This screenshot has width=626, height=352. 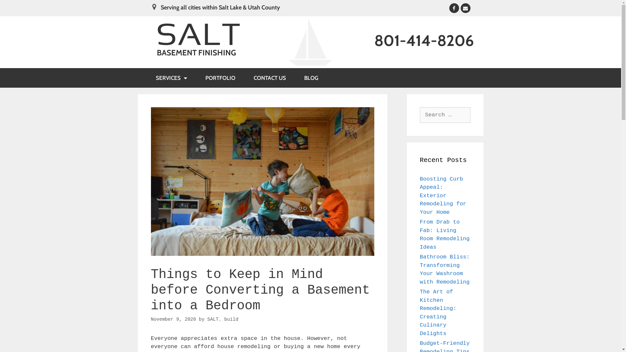 What do you see at coordinates (196, 78) in the screenshot?
I see `'PORTFOLIO'` at bounding box center [196, 78].